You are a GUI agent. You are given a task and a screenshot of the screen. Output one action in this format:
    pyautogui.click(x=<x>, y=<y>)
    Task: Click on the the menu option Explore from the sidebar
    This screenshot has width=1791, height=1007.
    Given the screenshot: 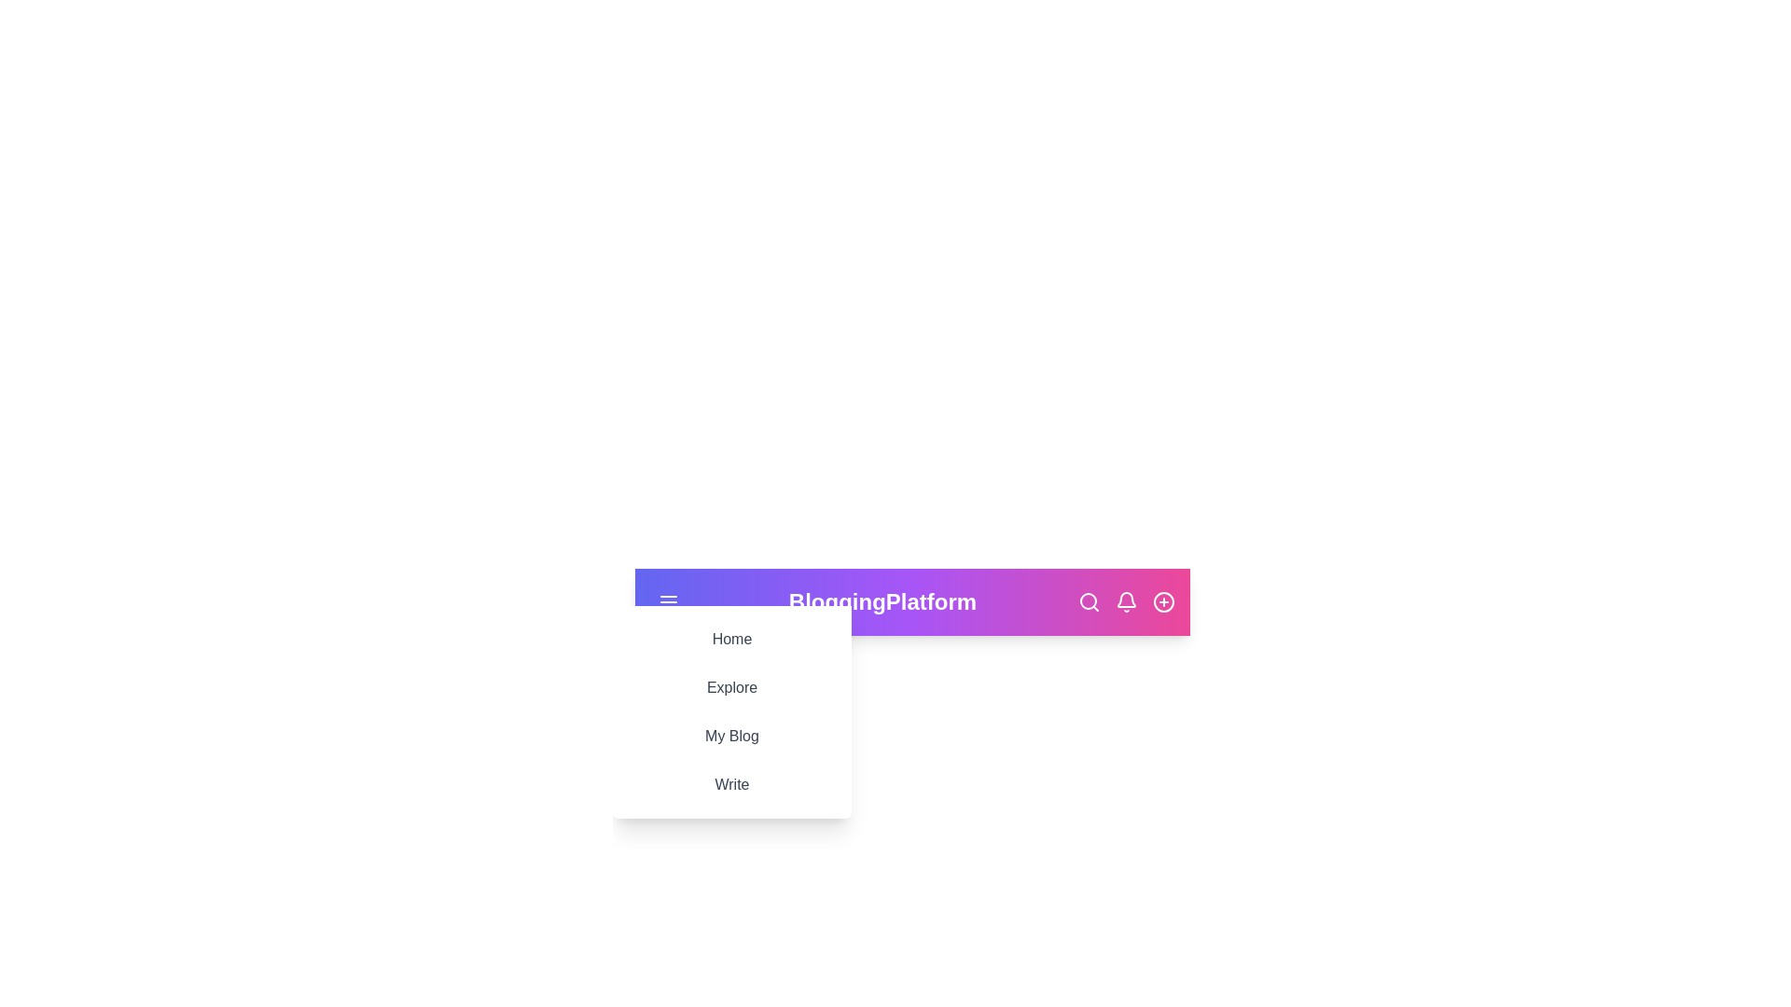 What is the action you would take?
    pyautogui.click(x=731, y=687)
    